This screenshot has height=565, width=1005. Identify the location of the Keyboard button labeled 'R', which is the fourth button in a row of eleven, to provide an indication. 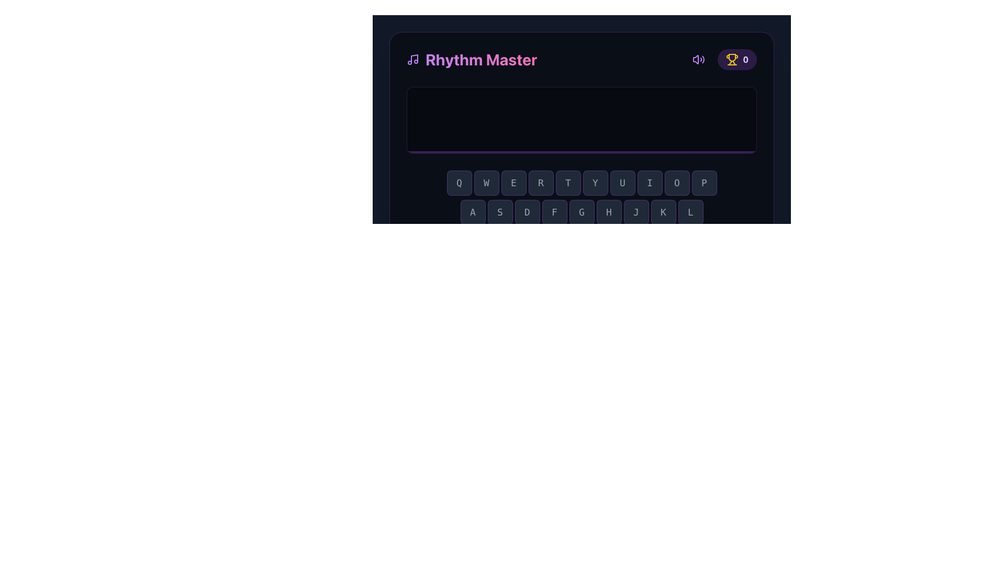
(541, 183).